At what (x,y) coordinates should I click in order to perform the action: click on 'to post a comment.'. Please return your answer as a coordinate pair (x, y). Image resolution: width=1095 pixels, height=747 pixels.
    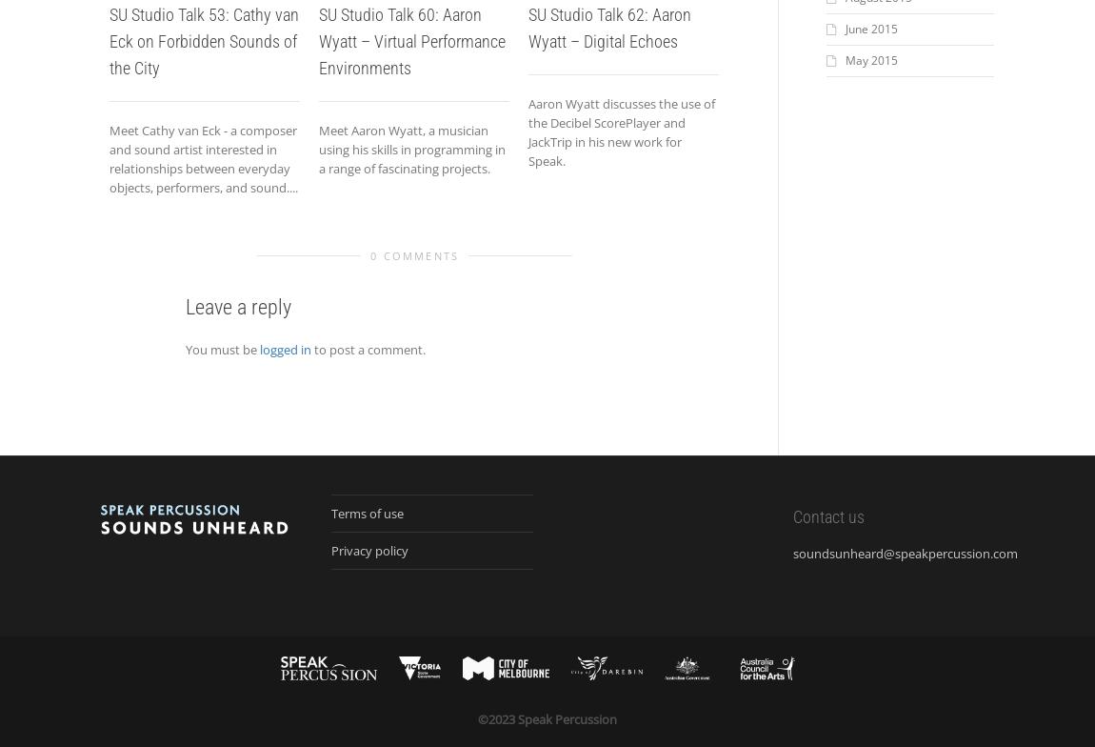
    Looking at the image, I should click on (310, 349).